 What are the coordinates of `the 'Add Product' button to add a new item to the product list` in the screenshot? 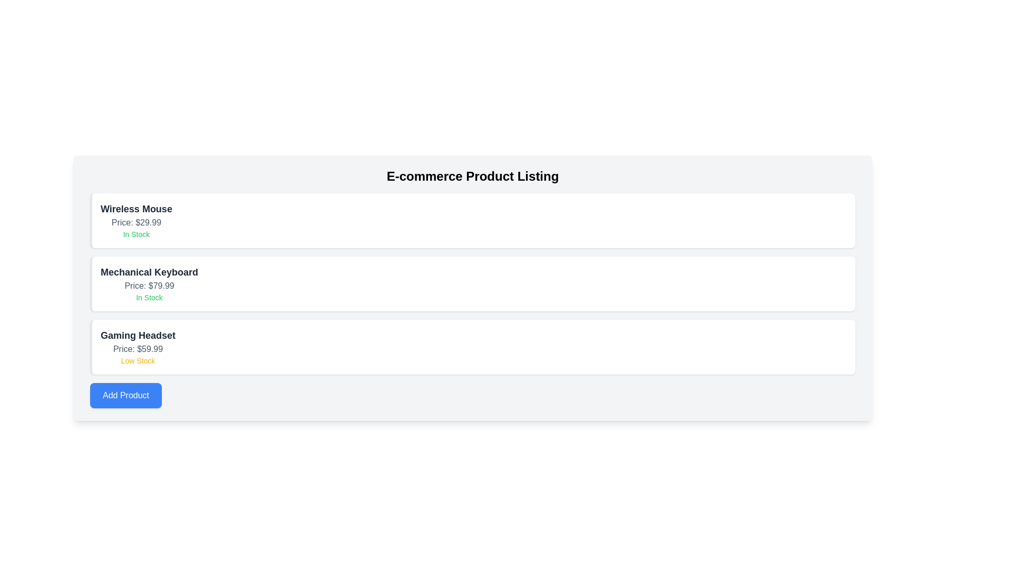 It's located at (126, 396).